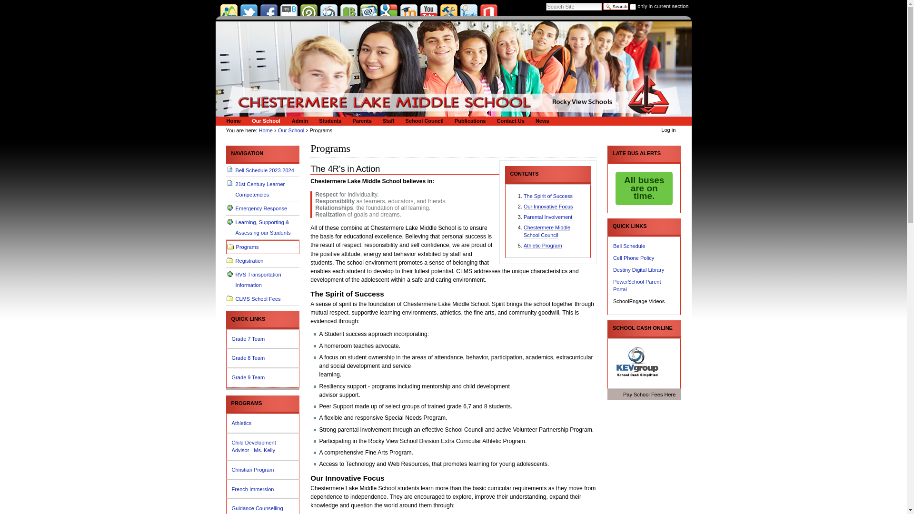 This screenshot has height=514, width=914. I want to click on 'Athletic Program', so click(523, 245).